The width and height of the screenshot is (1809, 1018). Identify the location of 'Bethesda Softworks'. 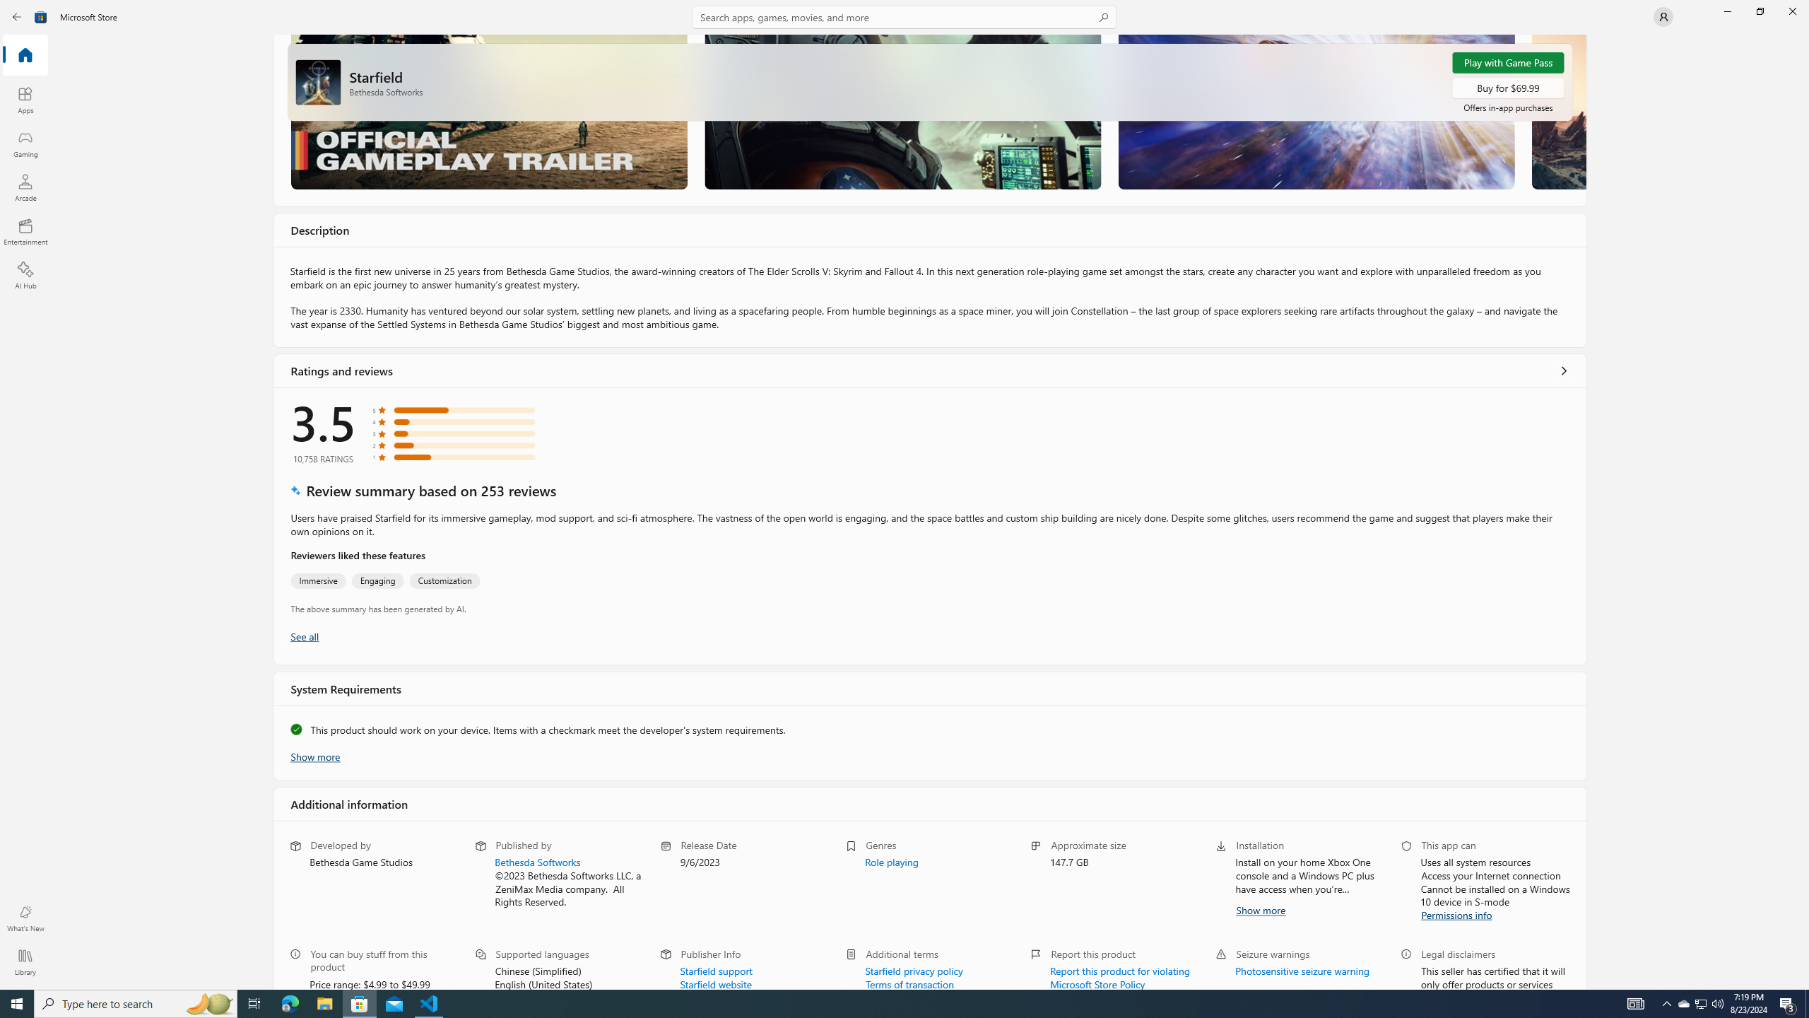
(536, 860).